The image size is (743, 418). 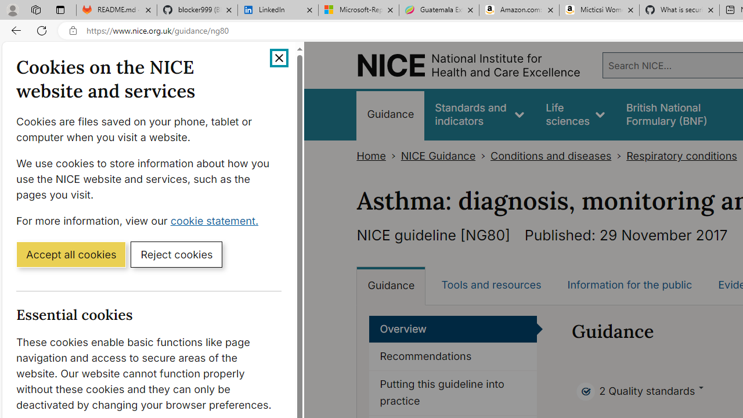 What do you see at coordinates (452, 392) in the screenshot?
I see `'Putting this guideline into practice'` at bounding box center [452, 392].